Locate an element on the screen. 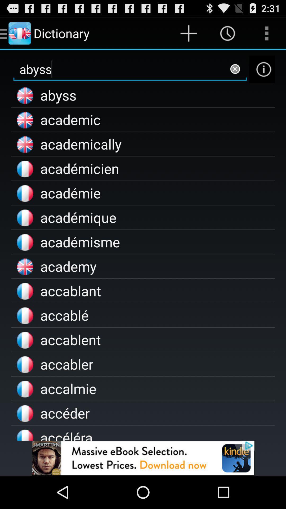 This screenshot has height=509, width=286. advertisement is located at coordinates (143, 458).